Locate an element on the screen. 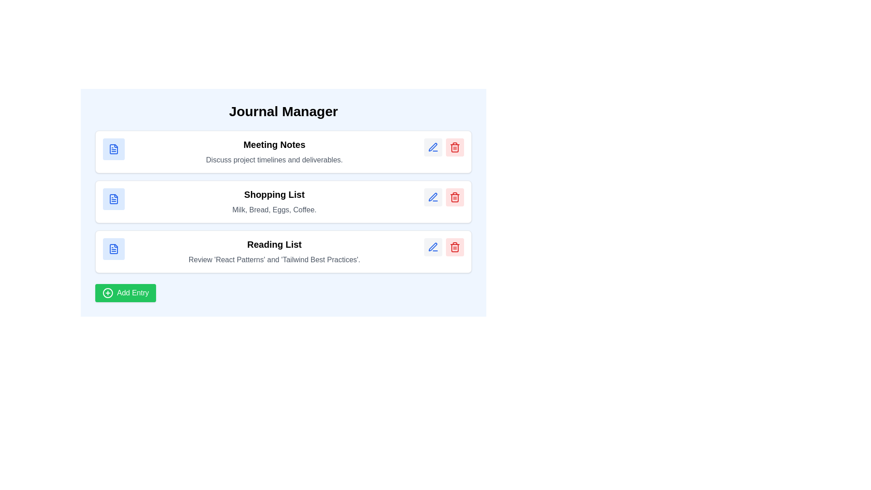 This screenshot has height=490, width=871. the rectangular icon with a blue background and white border featuring a blue file symbol, located in the top-left corner of the 'Shopping List' card is located at coordinates (113, 199).